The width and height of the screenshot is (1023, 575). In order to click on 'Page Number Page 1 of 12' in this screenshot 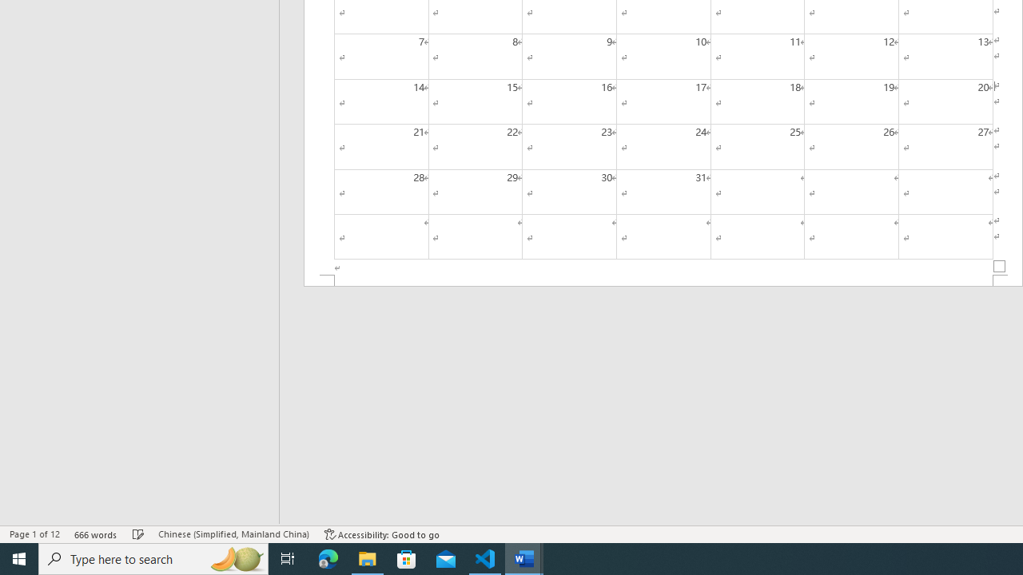, I will do `click(34, 534)`.